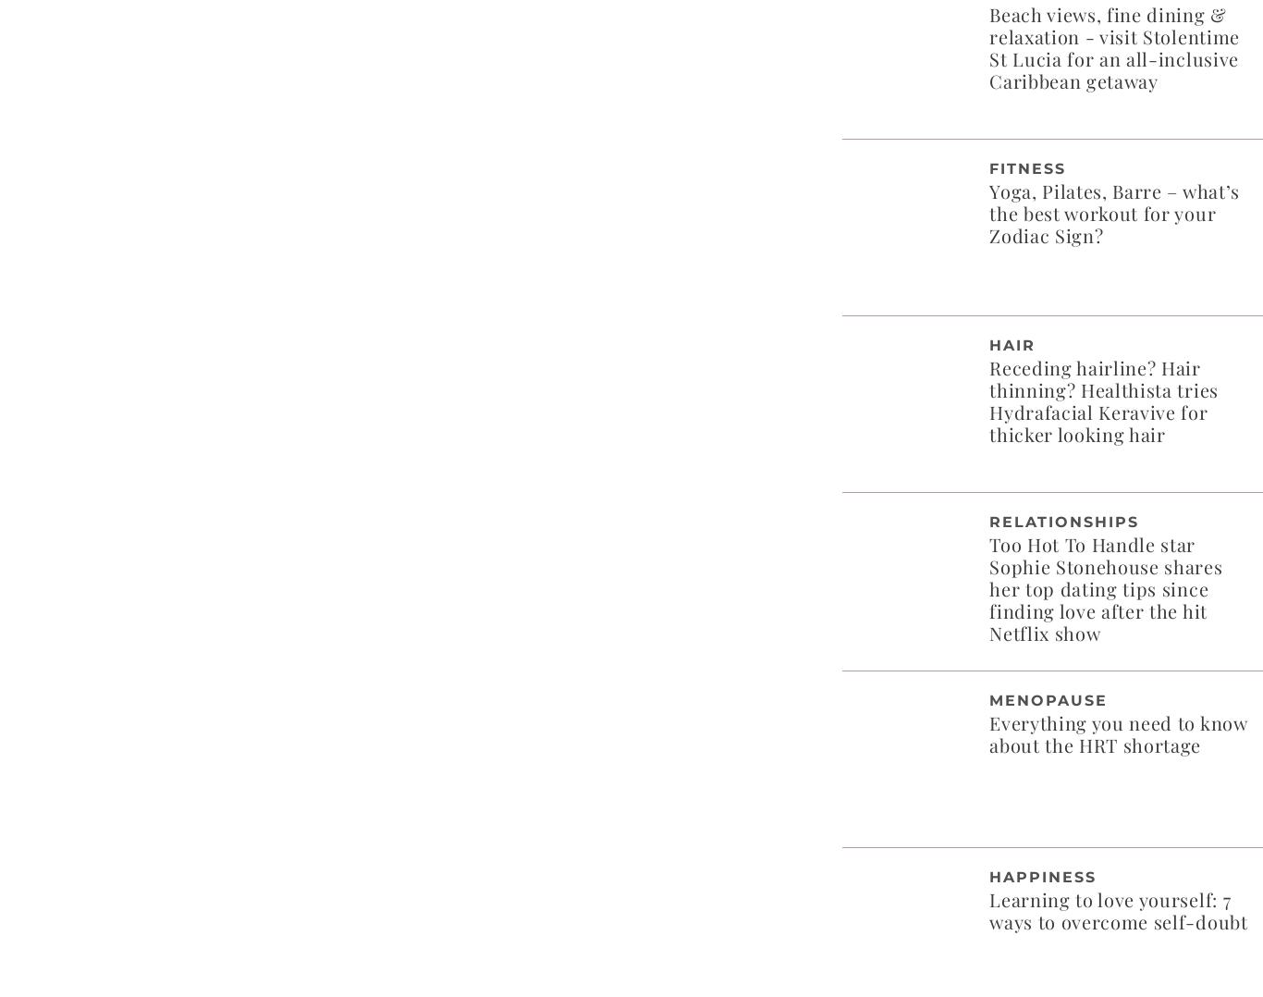  I want to click on 'Menopause', so click(987, 699).